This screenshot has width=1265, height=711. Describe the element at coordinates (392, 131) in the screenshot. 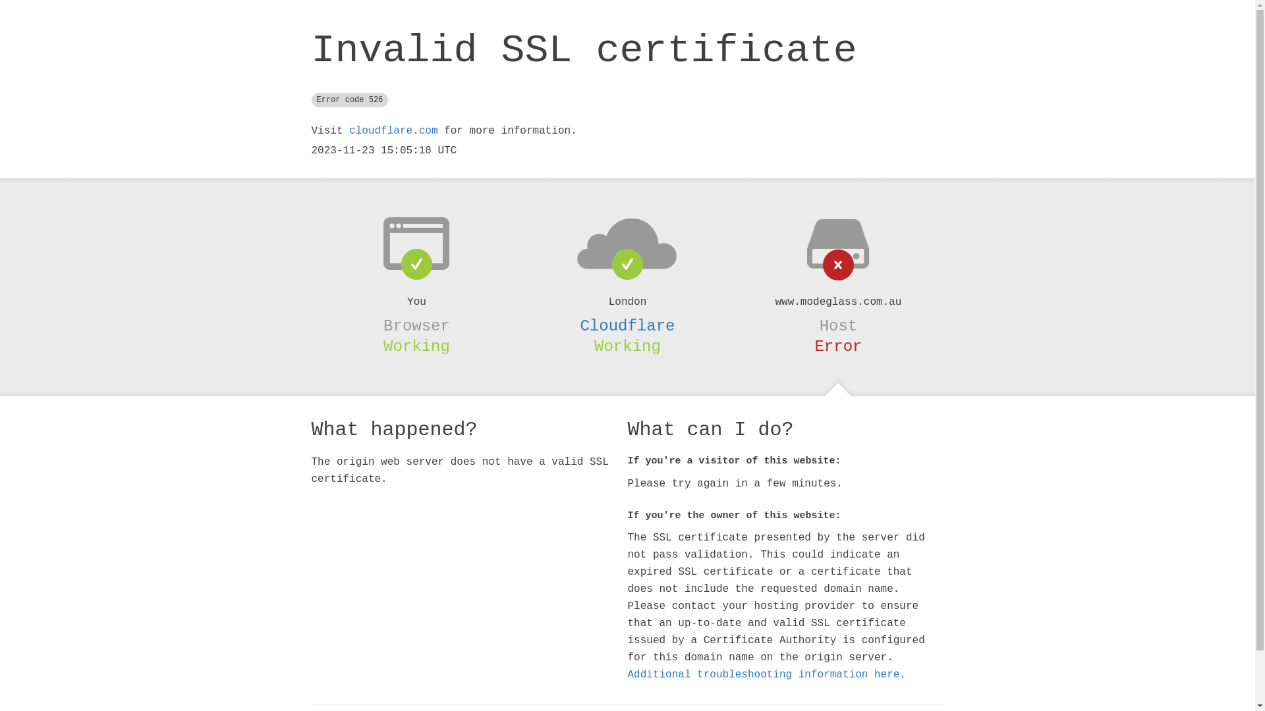

I see `'cloudflare.com'` at that location.